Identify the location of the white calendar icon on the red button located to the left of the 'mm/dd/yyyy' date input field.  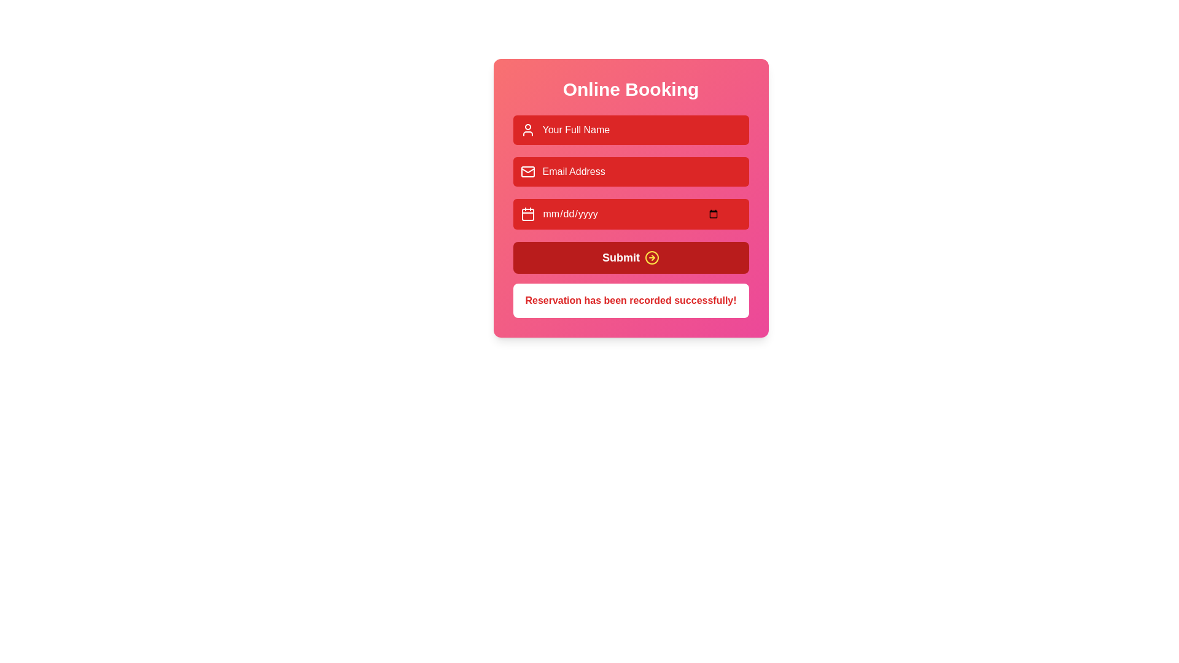
(527, 213).